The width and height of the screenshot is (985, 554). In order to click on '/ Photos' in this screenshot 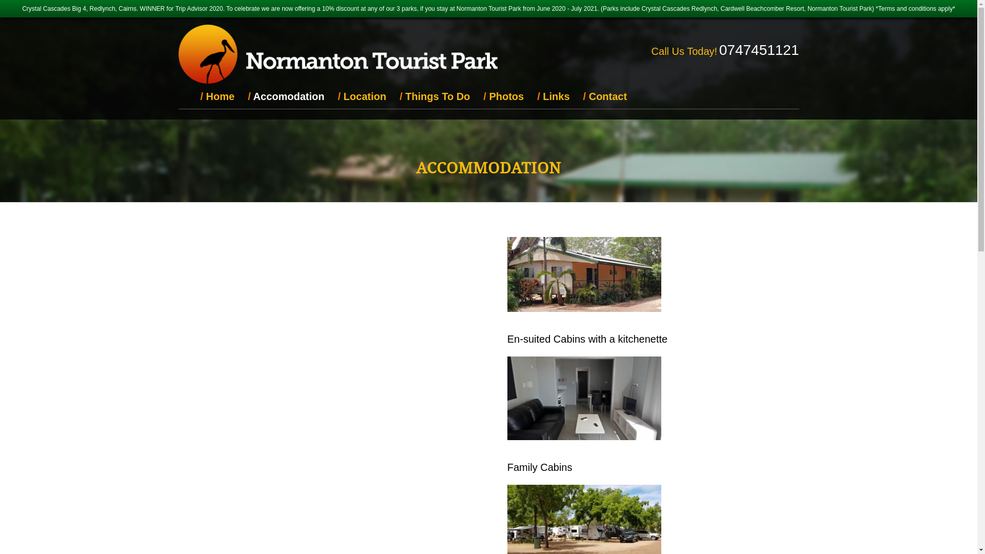, I will do `click(503, 96)`.